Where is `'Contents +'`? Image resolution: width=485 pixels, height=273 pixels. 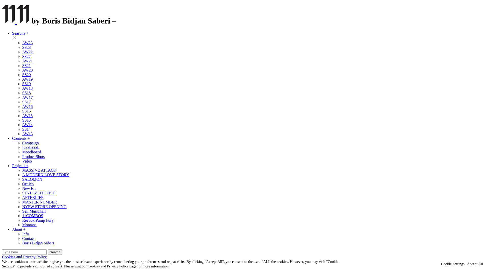
'Contents +' is located at coordinates (20, 138).